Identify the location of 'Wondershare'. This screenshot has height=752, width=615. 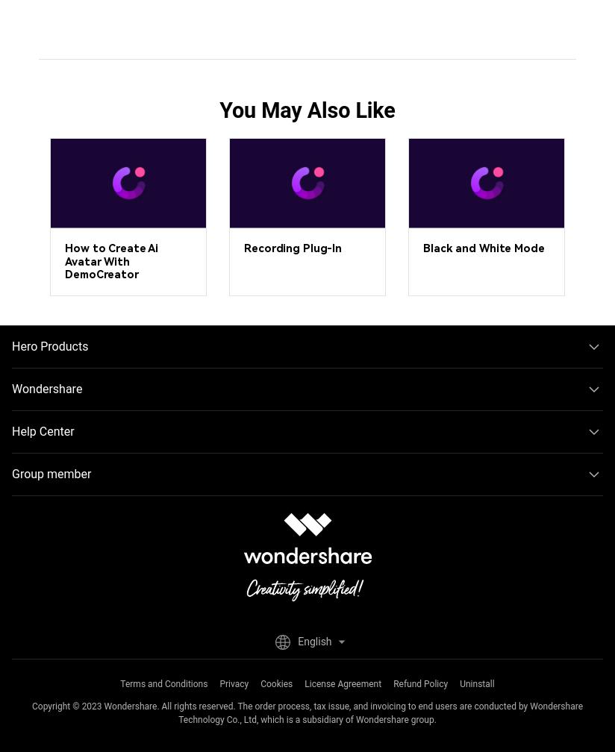
(47, 388).